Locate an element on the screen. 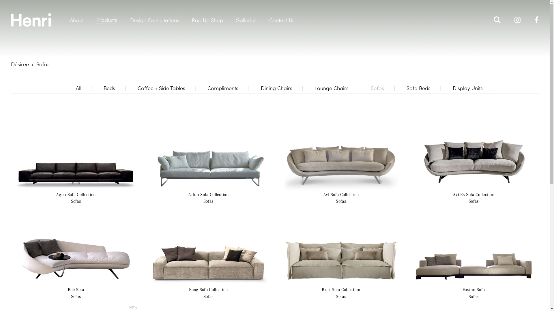 The image size is (554, 311). 'About' is located at coordinates (69, 20).